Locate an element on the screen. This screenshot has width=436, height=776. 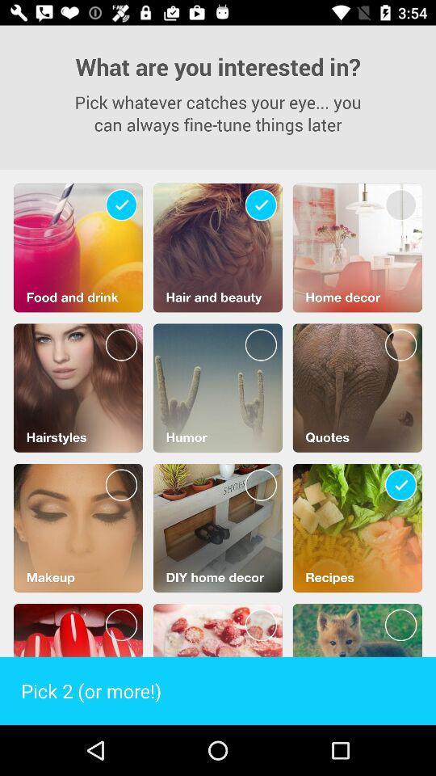
the pick 2 or is located at coordinates (218, 690).